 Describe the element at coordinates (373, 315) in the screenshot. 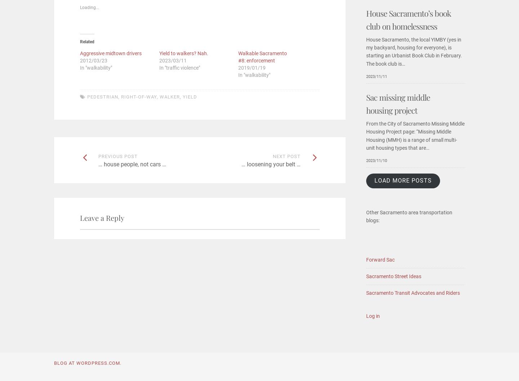

I see `'Log in'` at that location.